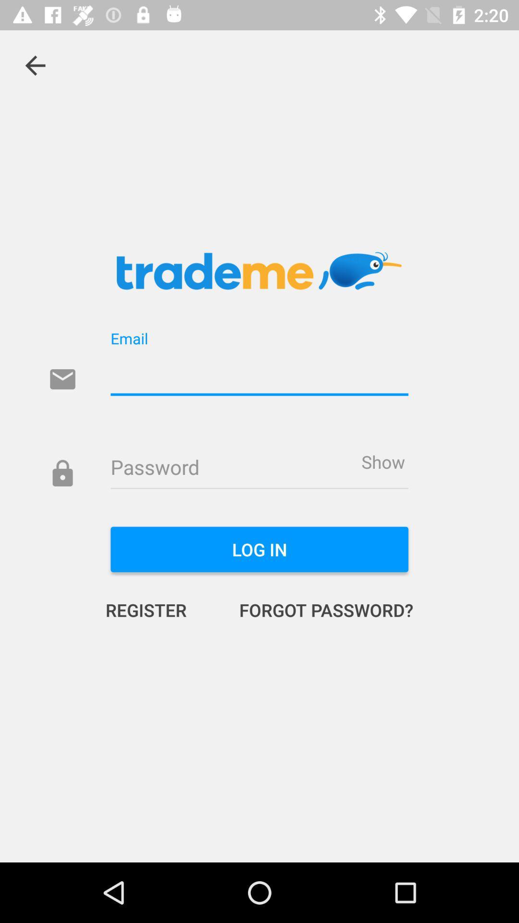  Describe the element at coordinates (316, 609) in the screenshot. I see `forgot password? icon` at that location.